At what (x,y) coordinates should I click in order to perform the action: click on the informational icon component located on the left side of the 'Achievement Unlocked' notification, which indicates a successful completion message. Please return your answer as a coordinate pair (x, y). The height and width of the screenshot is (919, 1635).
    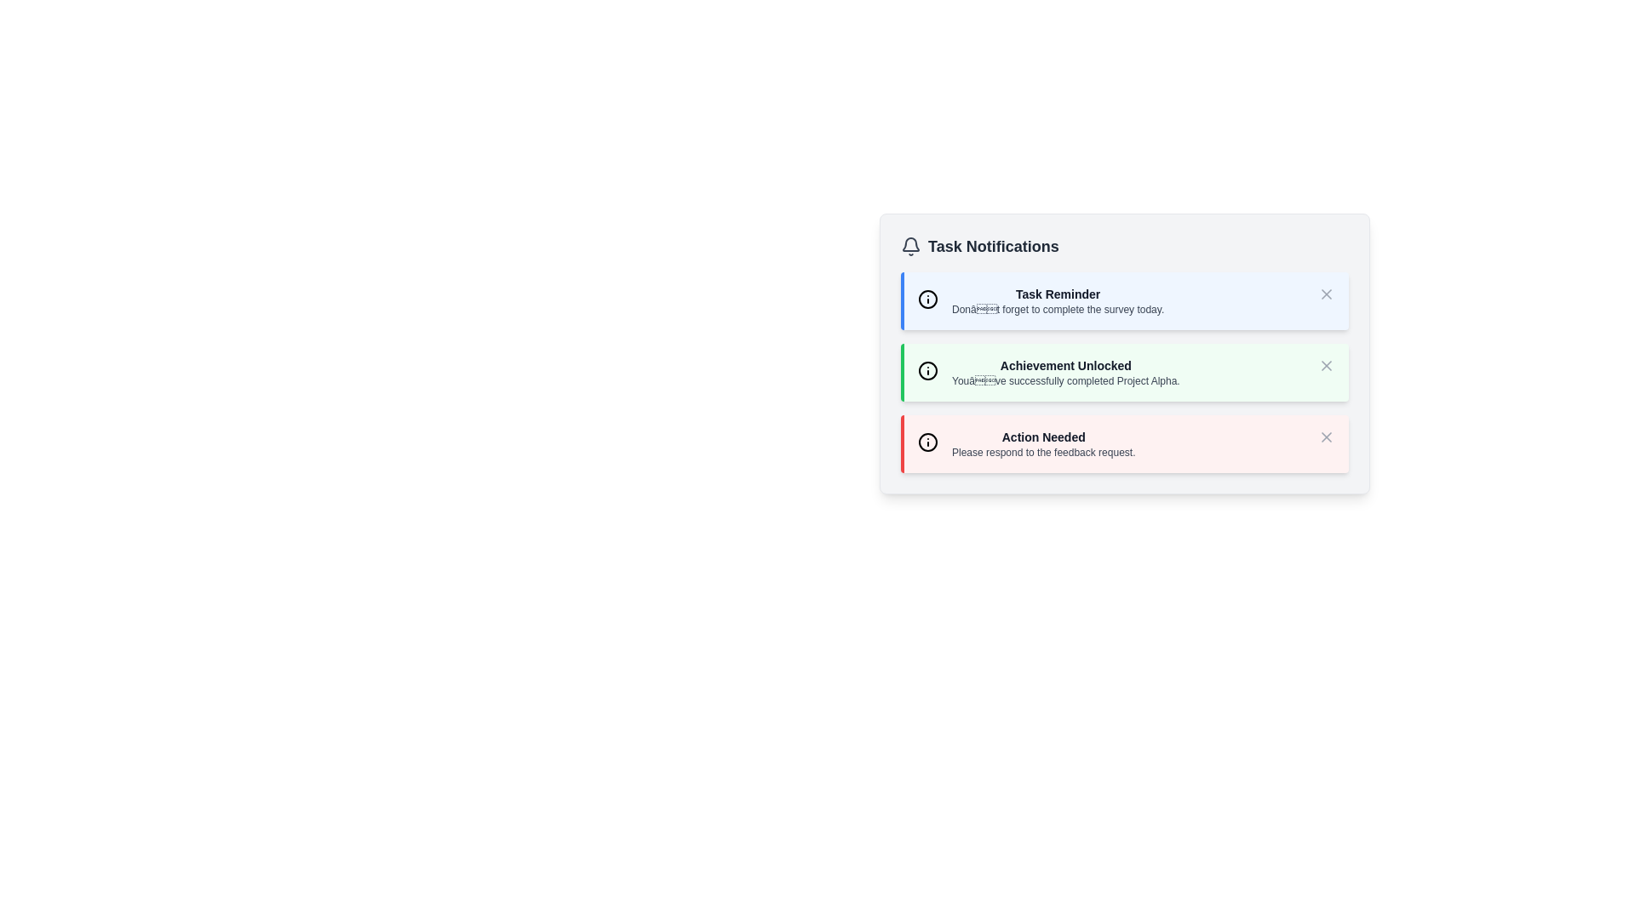
    Looking at the image, I should click on (926, 369).